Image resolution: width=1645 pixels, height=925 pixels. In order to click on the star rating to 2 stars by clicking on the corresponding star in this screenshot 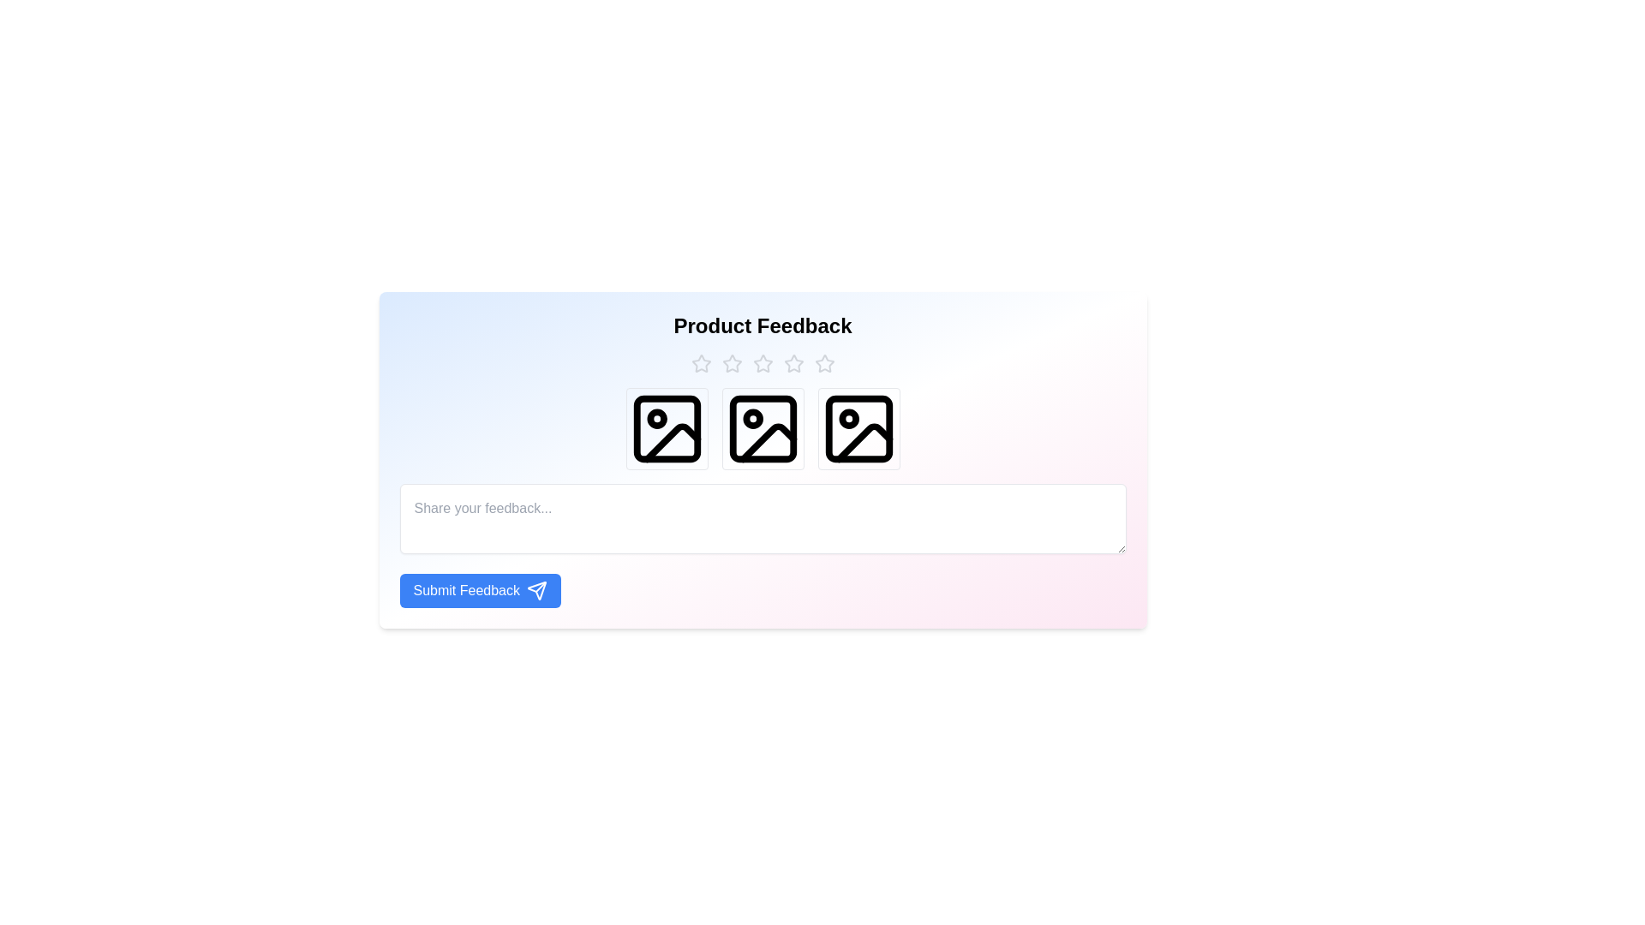, I will do `click(732, 362)`.